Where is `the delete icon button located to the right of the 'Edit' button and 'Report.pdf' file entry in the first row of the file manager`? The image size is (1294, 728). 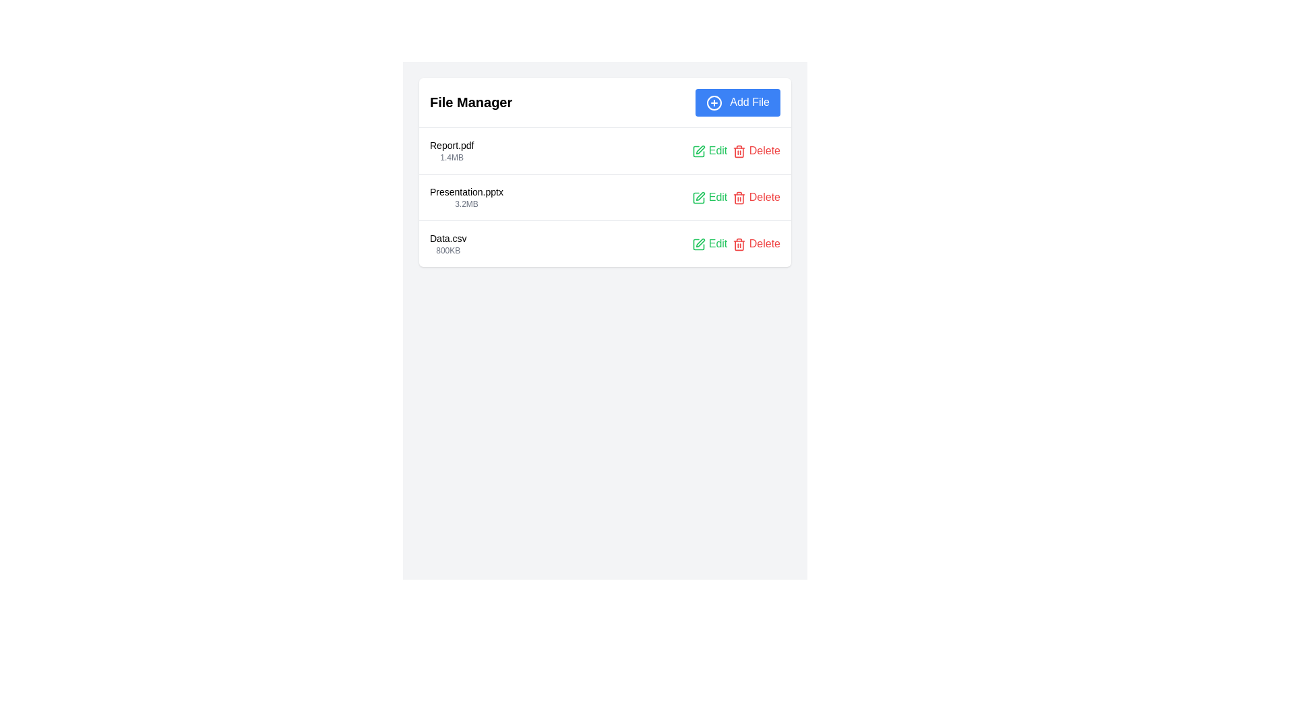 the delete icon button located to the right of the 'Edit' button and 'Report.pdf' file entry in the first row of the file manager is located at coordinates (739, 151).